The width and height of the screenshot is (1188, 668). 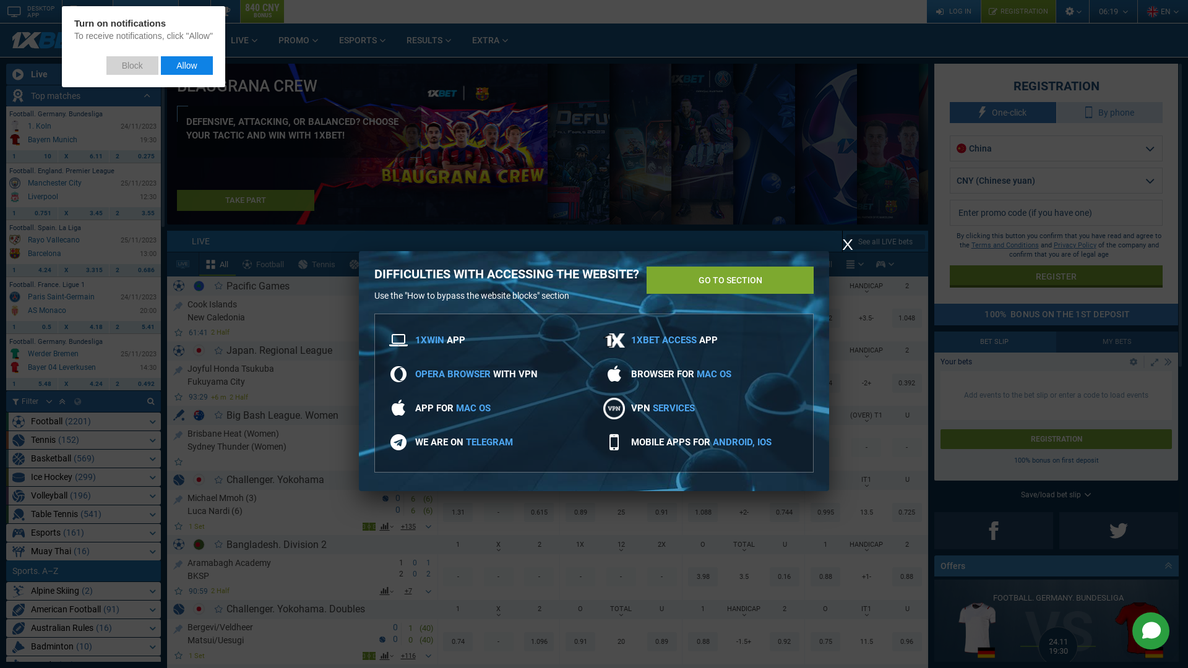 I want to click on 'BET SLIP', so click(x=995, y=341).